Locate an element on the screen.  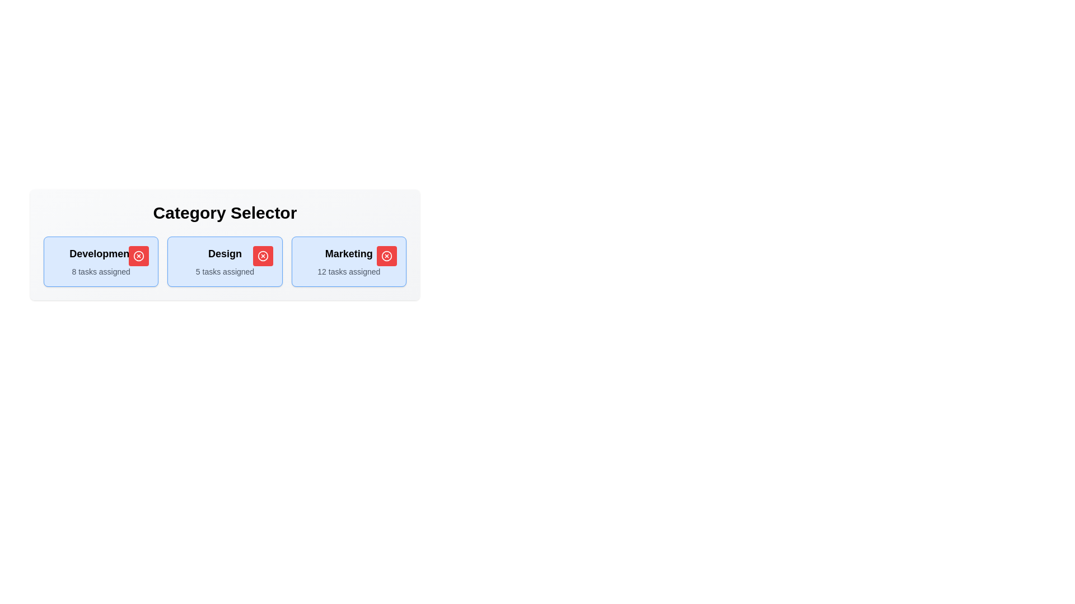
toggle button for the category Marketing is located at coordinates (387, 256).